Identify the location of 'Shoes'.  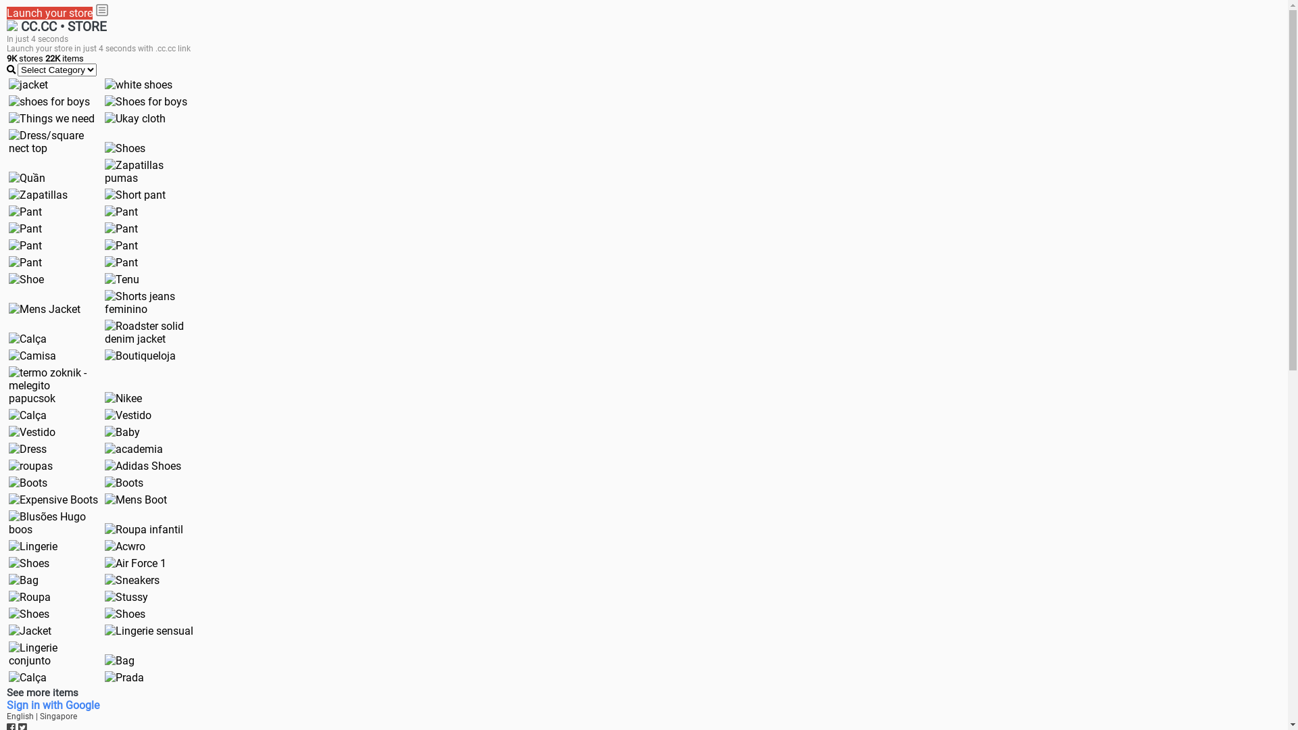
(103, 614).